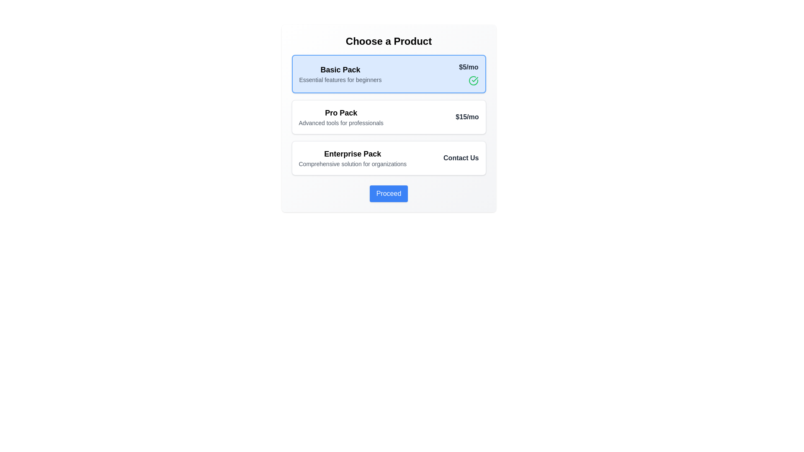  What do you see at coordinates (340, 80) in the screenshot?
I see `the text label reading 'Essential features for beginners,' which is styled in a smaller gray font and positioned directly below the 'Basic Pack' text in the first option card` at bounding box center [340, 80].